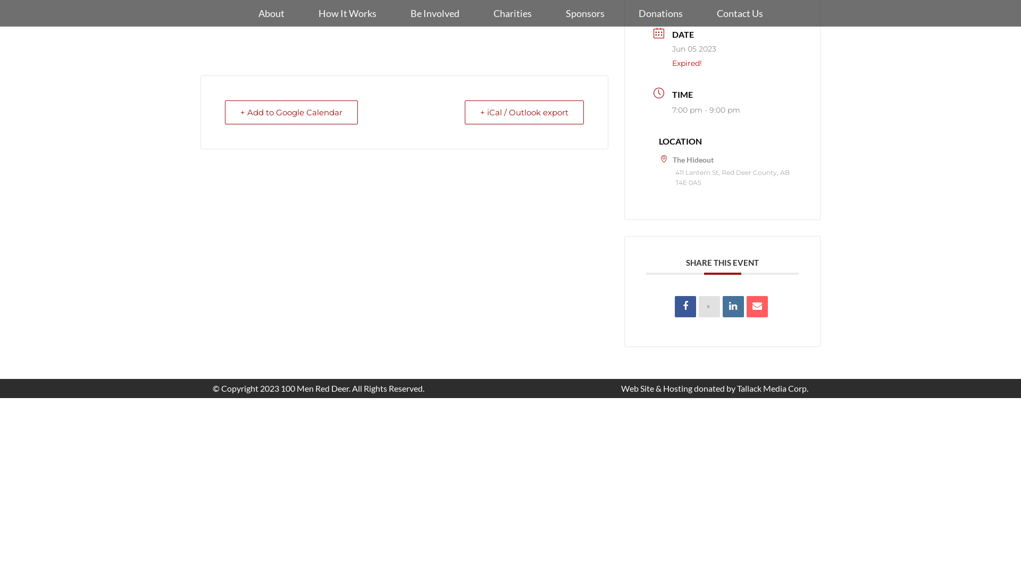 This screenshot has height=574, width=1021. I want to click on 'Be Involved', so click(434, 13).